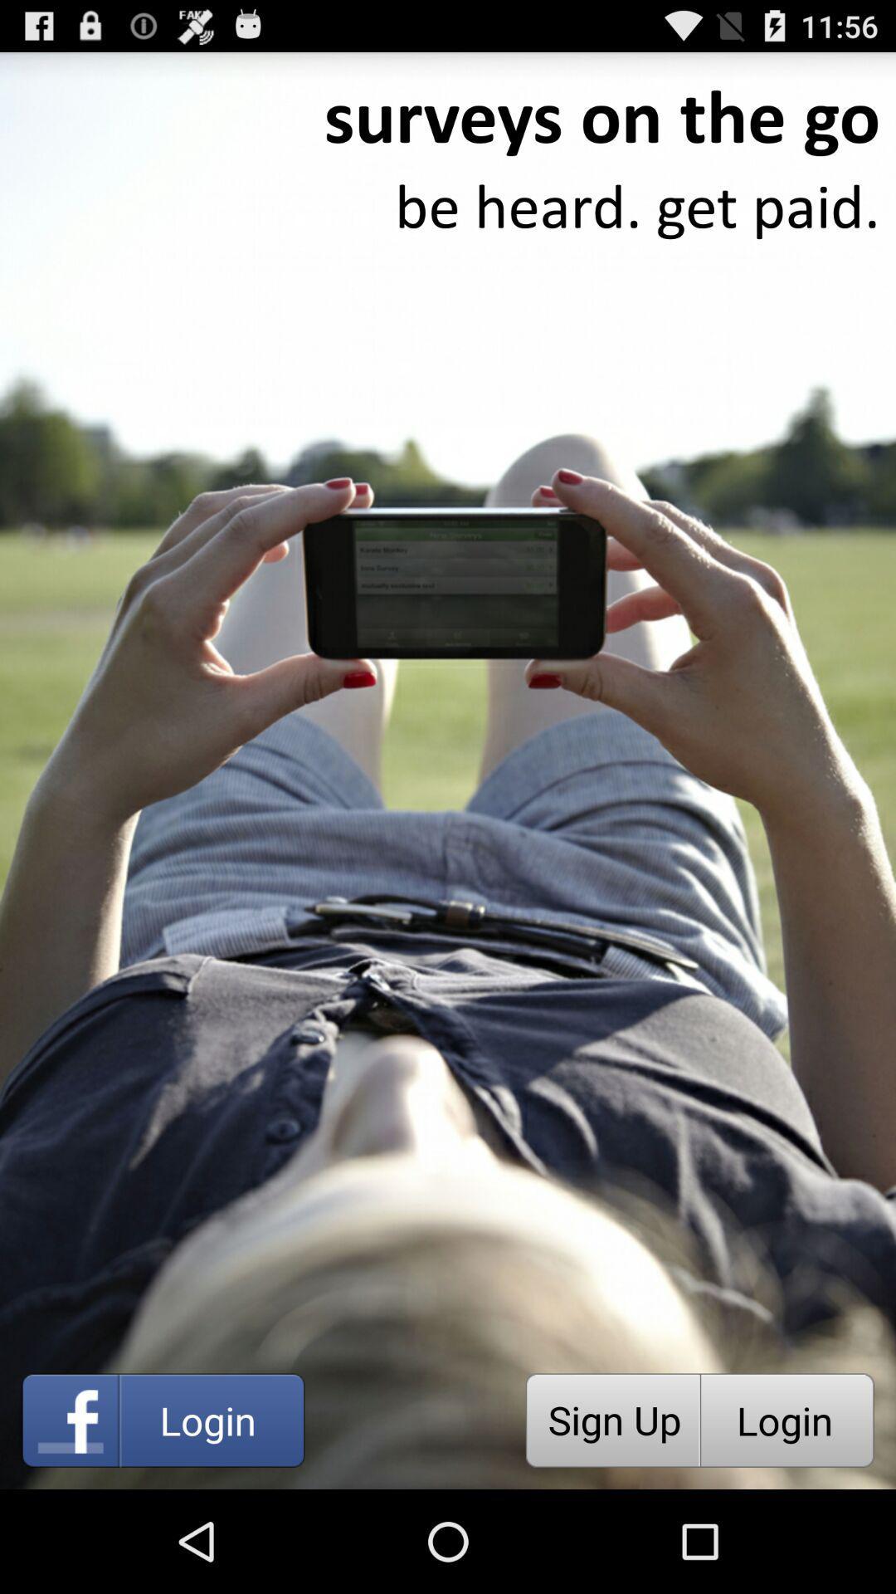  What do you see at coordinates (612, 1420) in the screenshot?
I see `icon to the right of the login icon` at bounding box center [612, 1420].